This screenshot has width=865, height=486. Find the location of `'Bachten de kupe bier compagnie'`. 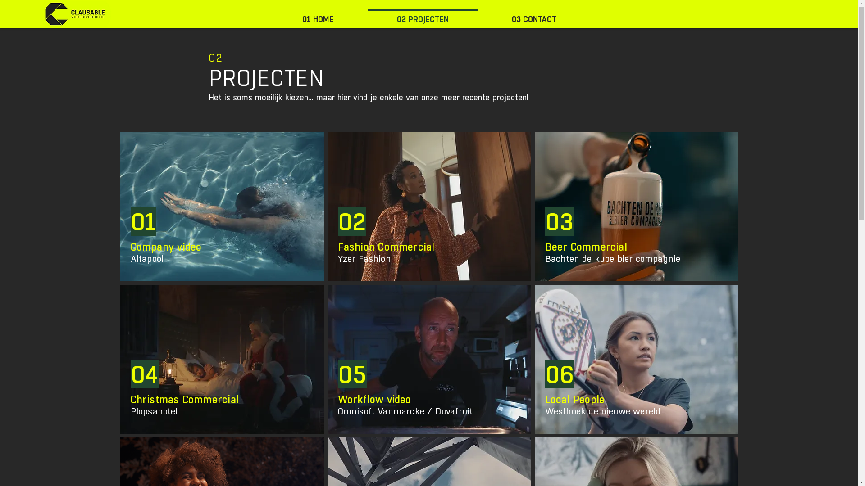

'Bachten de kupe bier compagnie' is located at coordinates (613, 259).